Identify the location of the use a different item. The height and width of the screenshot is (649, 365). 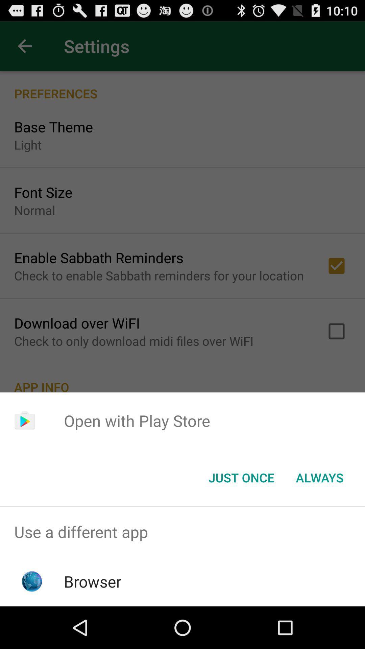
(182, 531).